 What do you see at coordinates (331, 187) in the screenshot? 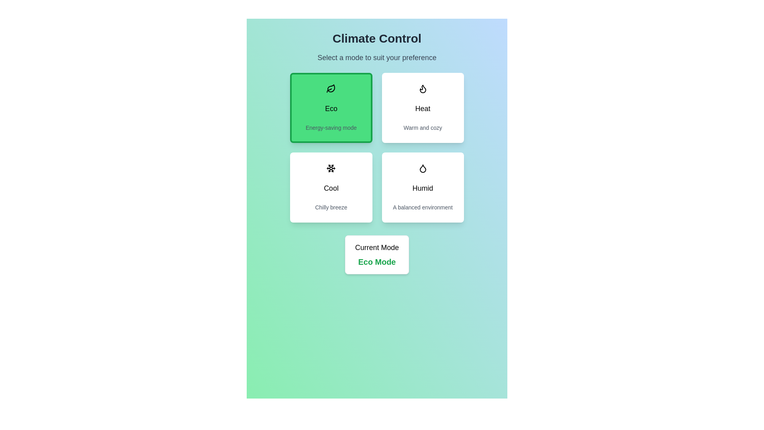
I see `the mode Cool by clicking on the respective button` at bounding box center [331, 187].